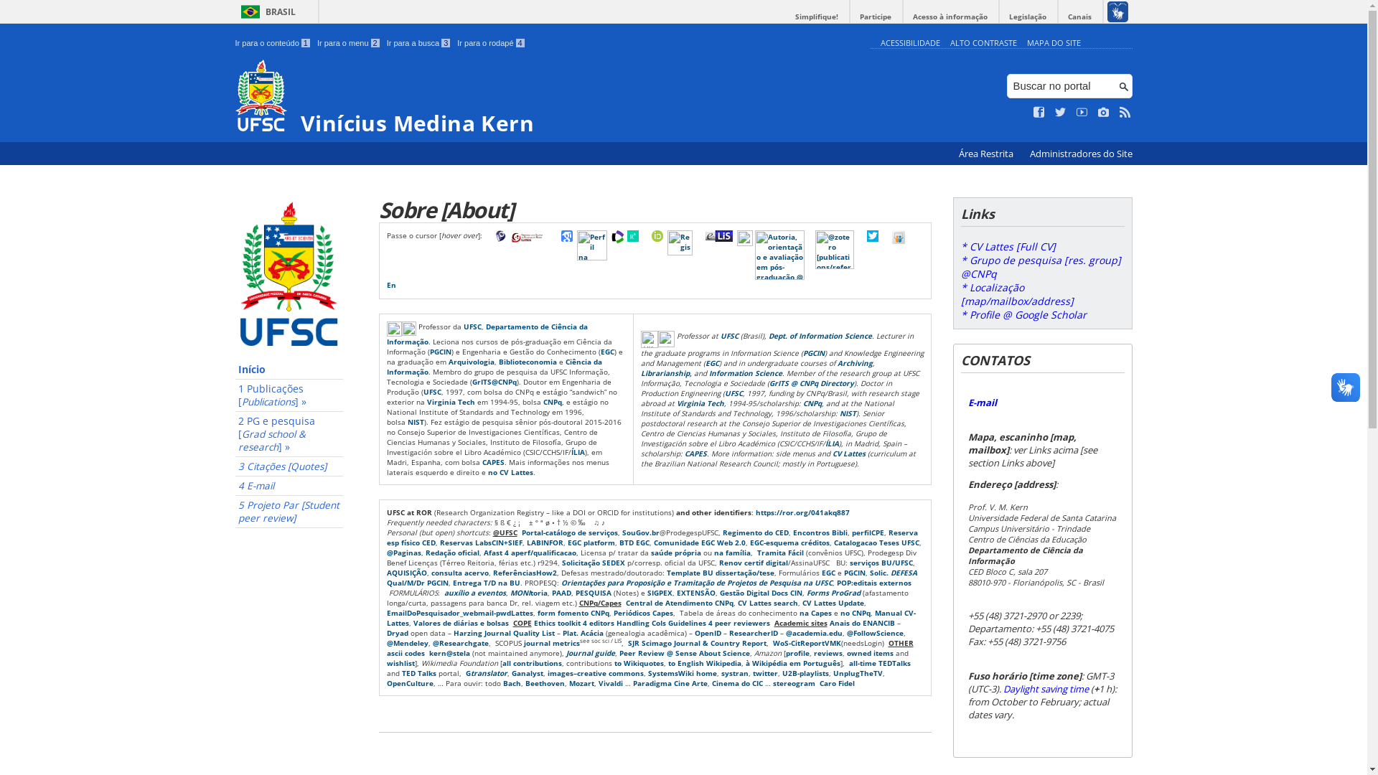  What do you see at coordinates (708, 632) in the screenshot?
I see `'OpenID'` at bounding box center [708, 632].